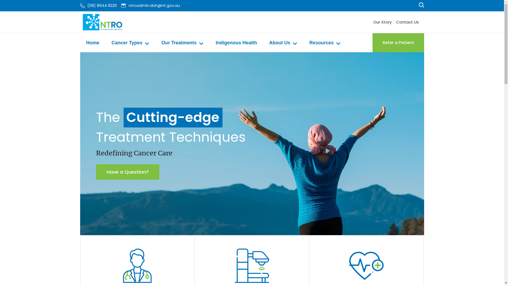 This screenshot has height=285, width=508. What do you see at coordinates (407, 22) in the screenshot?
I see `'Contact Us'` at bounding box center [407, 22].